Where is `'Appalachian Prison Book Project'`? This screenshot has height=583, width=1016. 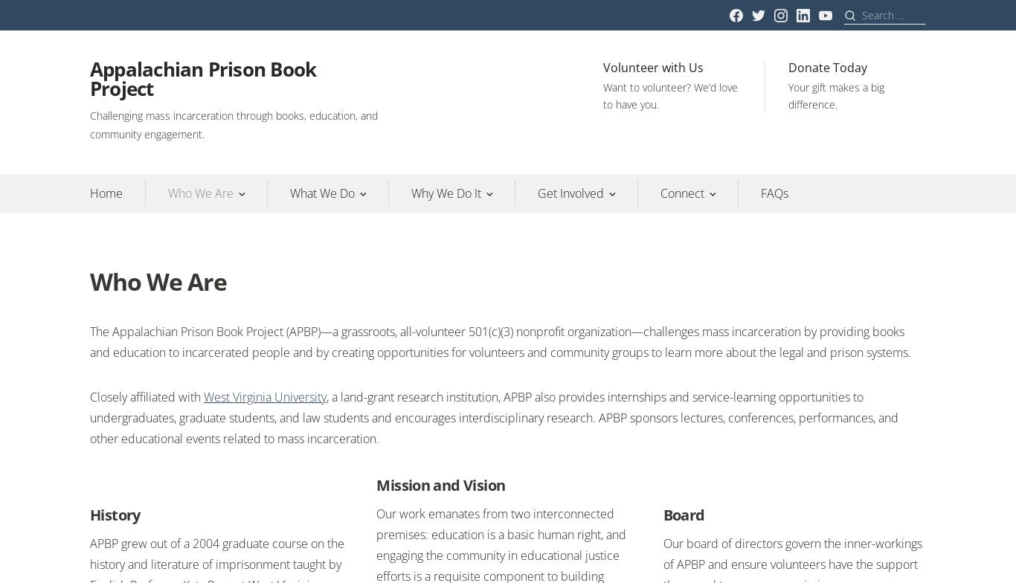 'Appalachian Prison Book Project' is located at coordinates (203, 78).